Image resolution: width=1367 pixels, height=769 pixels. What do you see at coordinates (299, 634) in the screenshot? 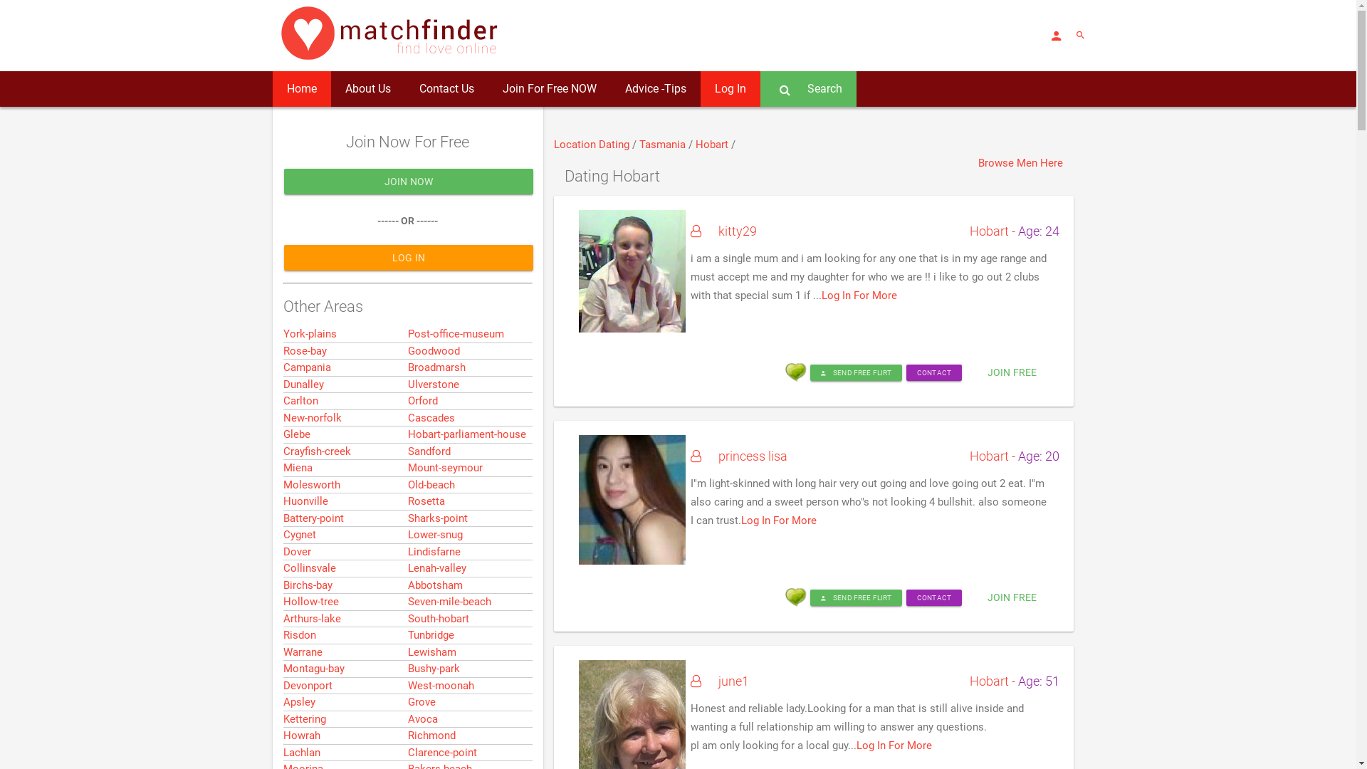
I see `'Risdon'` at bounding box center [299, 634].